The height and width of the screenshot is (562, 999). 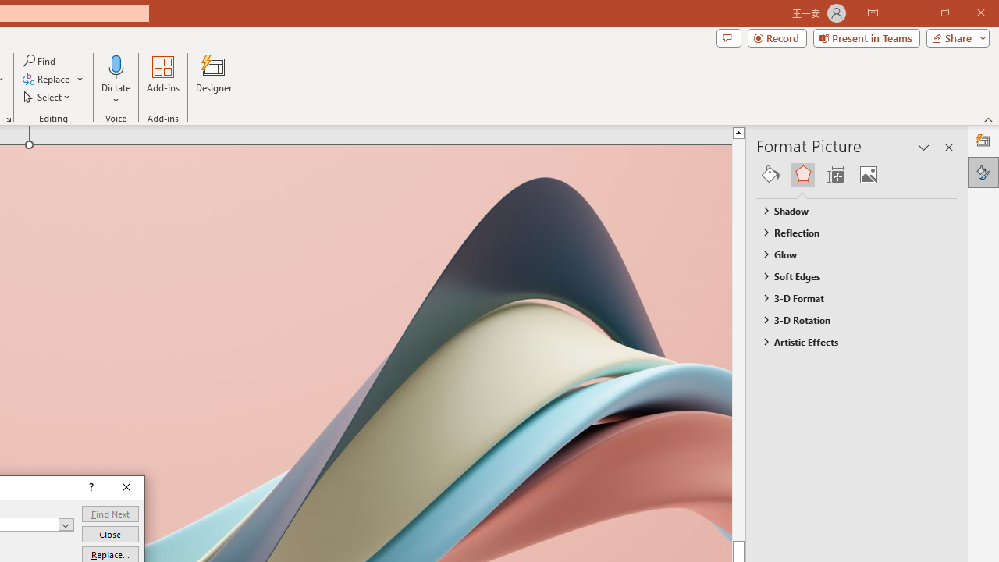 What do you see at coordinates (109, 514) in the screenshot?
I see `'Find Next'` at bounding box center [109, 514].